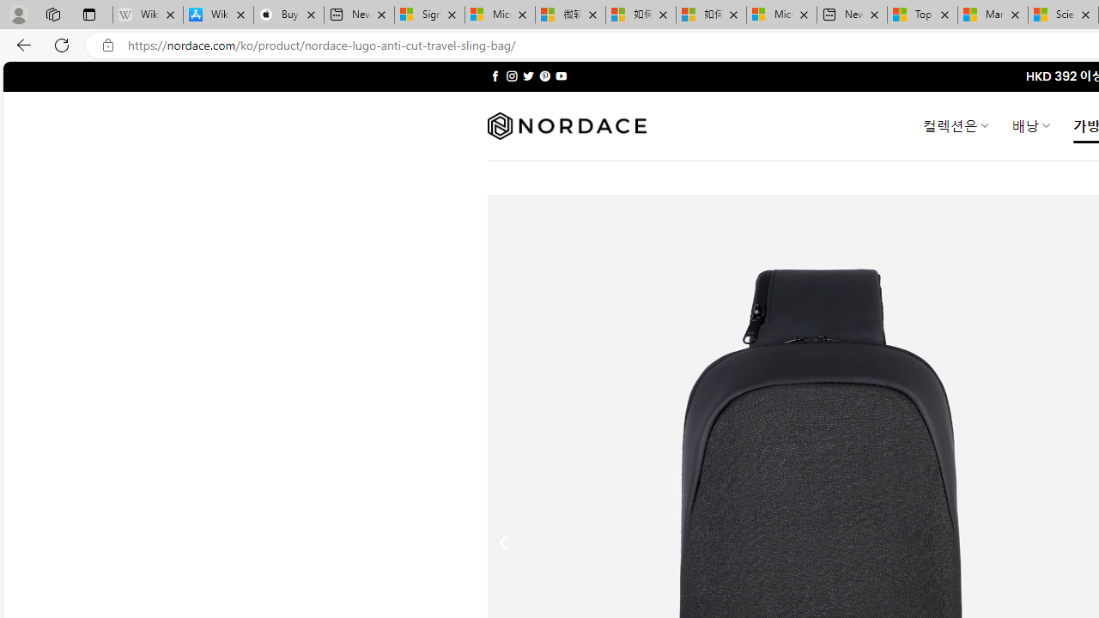 This screenshot has height=618, width=1099. Describe the element at coordinates (527, 76) in the screenshot. I see `'Follow on Twitter'` at that location.